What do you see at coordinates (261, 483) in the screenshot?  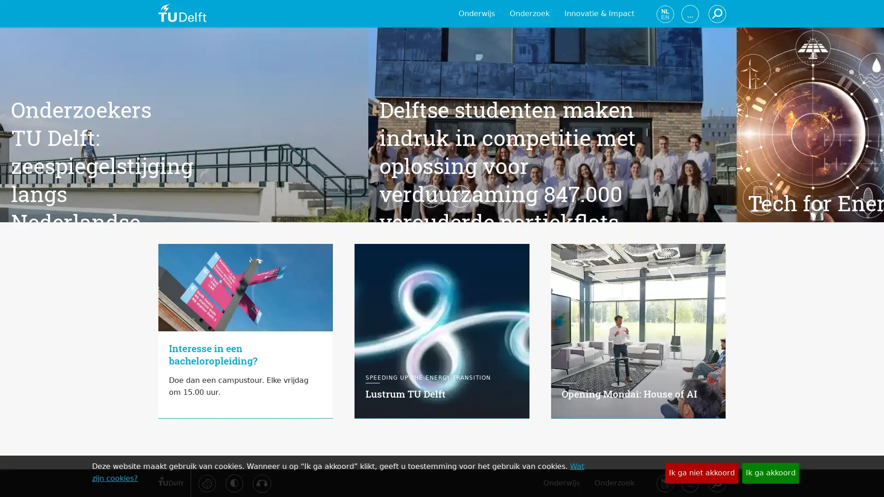 I see `Luister met de ReachDeck-werkbalk` at bounding box center [261, 483].